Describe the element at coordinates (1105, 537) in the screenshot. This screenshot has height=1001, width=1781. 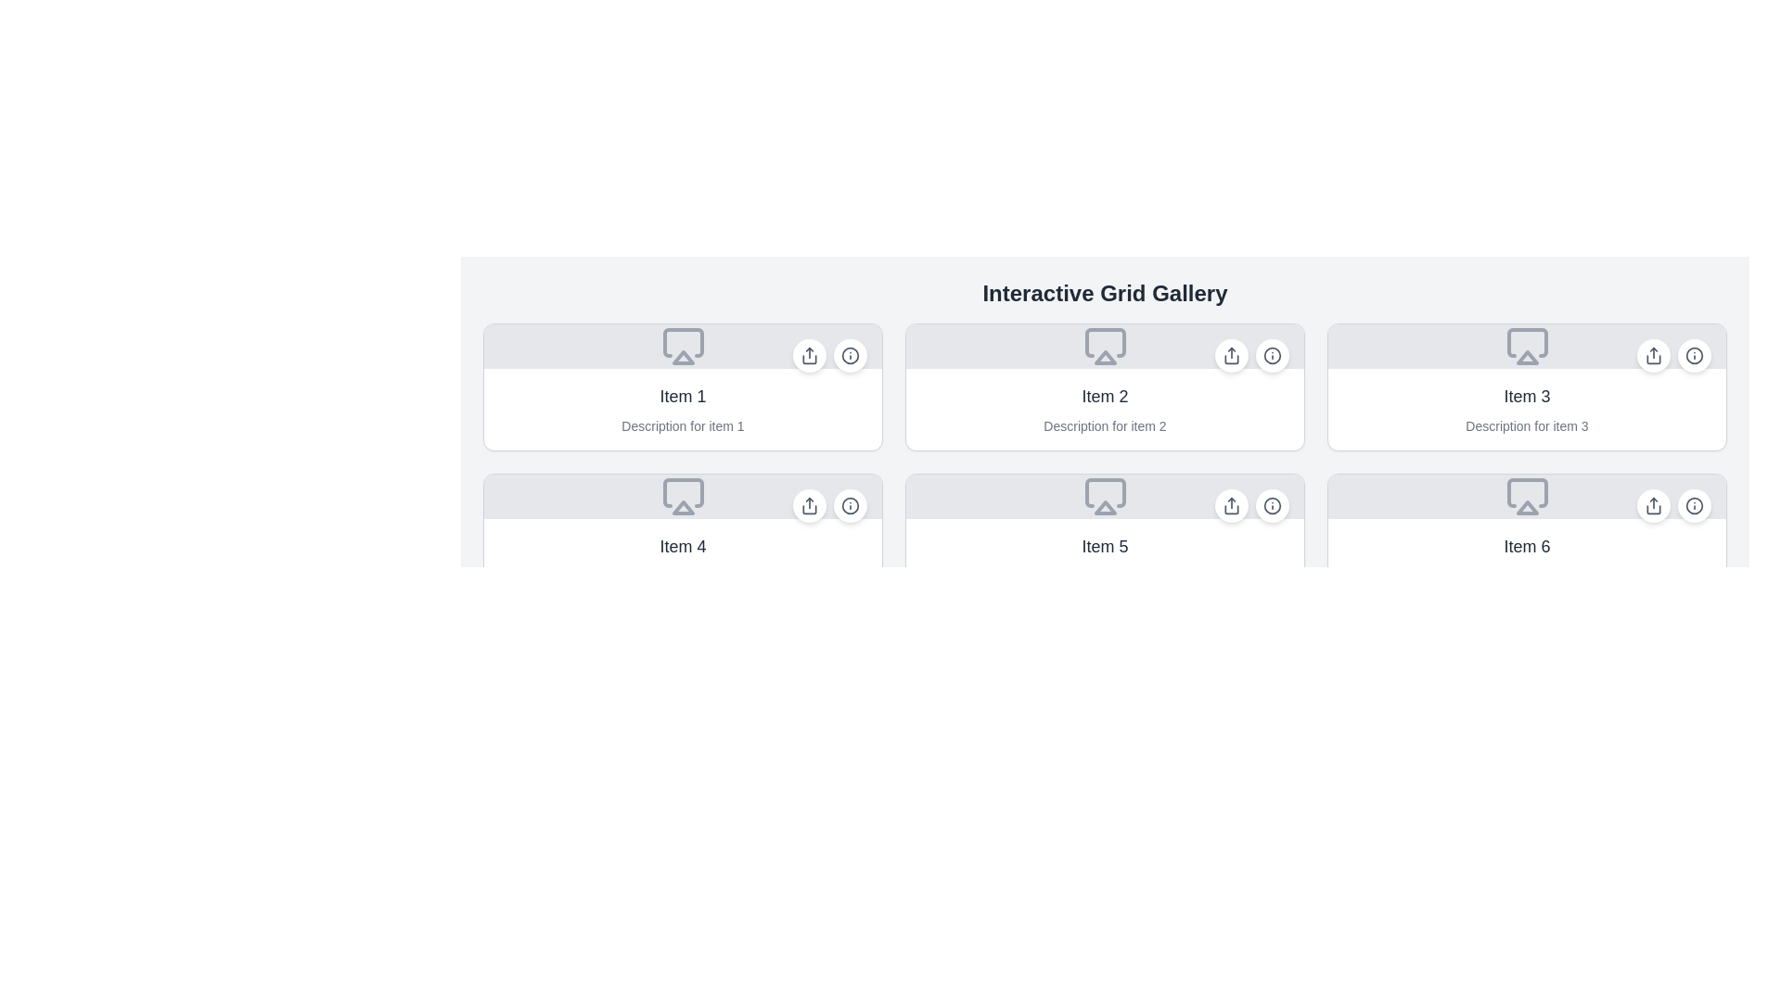
I see `the transparent overlay box that spans the fifth item in the grid layout, positioned in the second row and second column` at that location.